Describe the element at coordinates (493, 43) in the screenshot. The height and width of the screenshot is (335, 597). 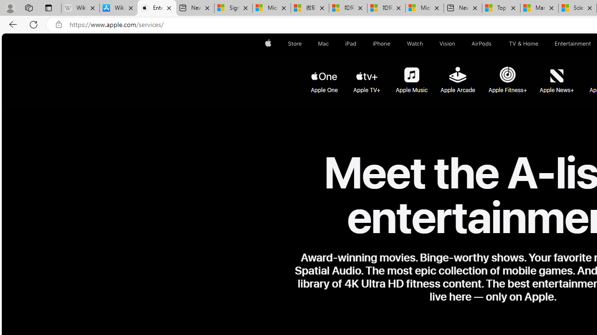
I see `'AirPods menu'` at that location.